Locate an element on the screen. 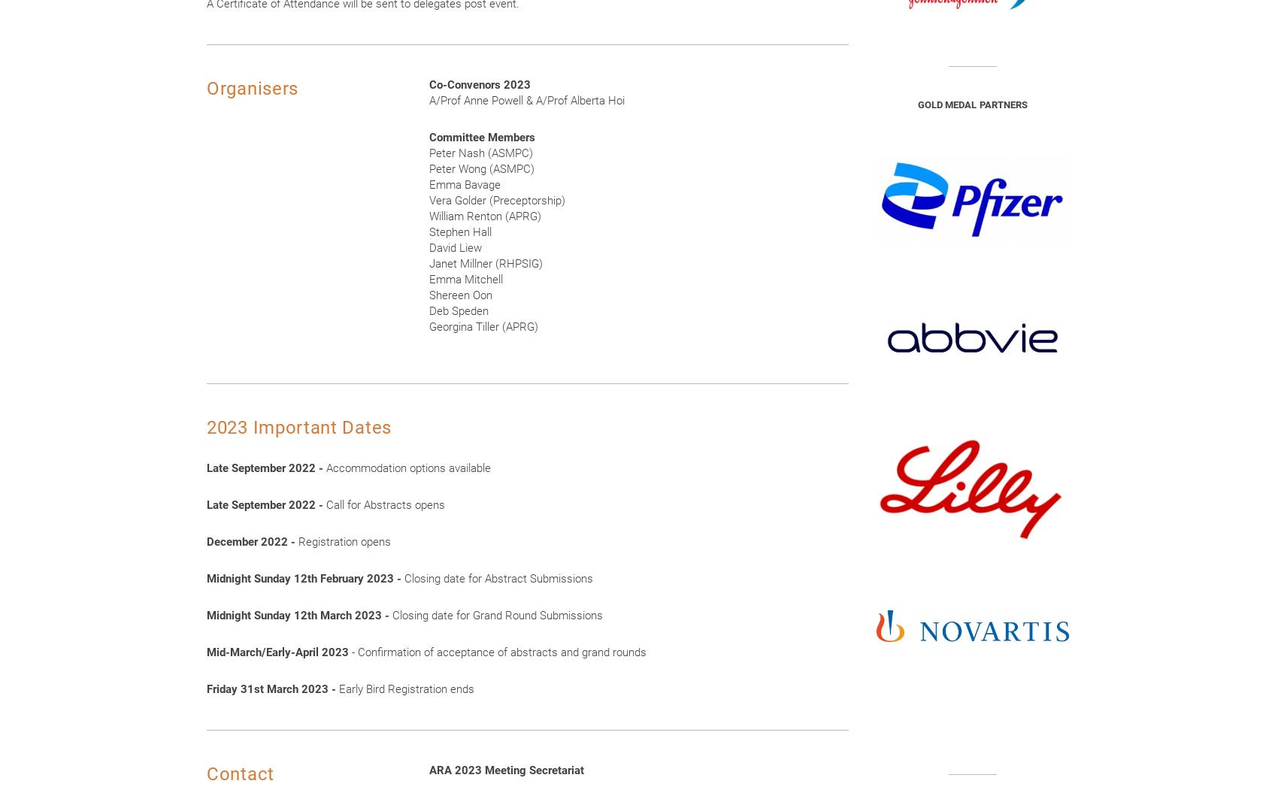 The height and width of the screenshot is (796, 1278). 'Contact' is located at coordinates (240, 773).